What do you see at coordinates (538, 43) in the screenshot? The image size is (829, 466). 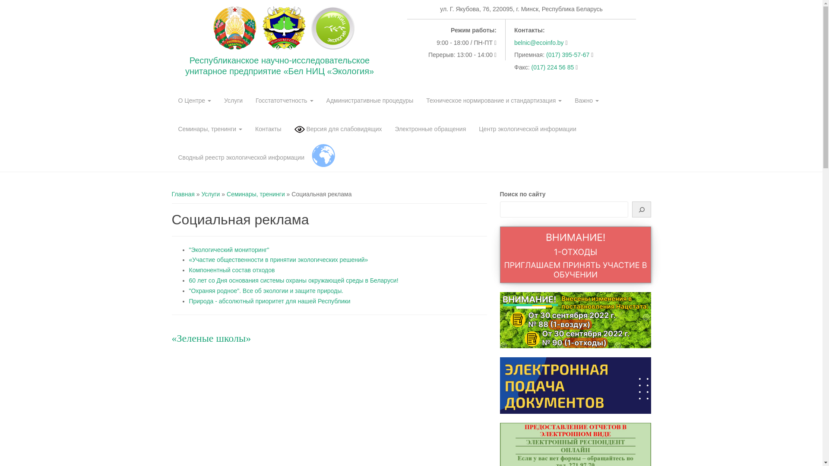 I see `'belnic@ecoinfo.by'` at bounding box center [538, 43].